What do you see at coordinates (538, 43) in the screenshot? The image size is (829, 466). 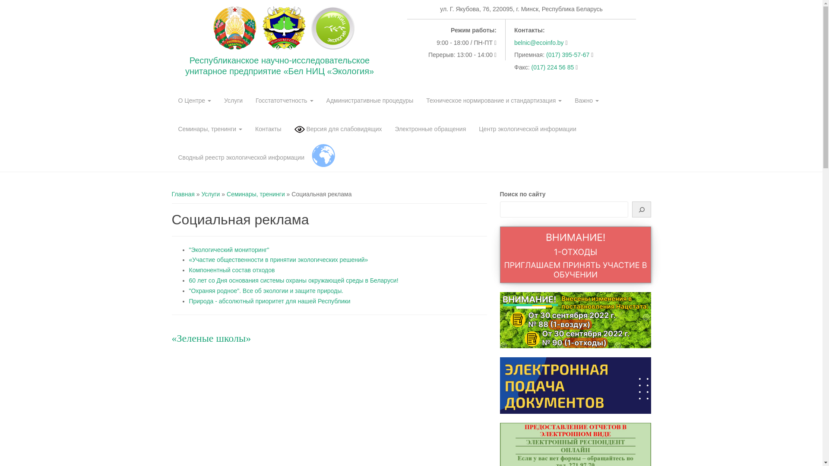 I see `'belnic@ecoinfo.by'` at bounding box center [538, 43].